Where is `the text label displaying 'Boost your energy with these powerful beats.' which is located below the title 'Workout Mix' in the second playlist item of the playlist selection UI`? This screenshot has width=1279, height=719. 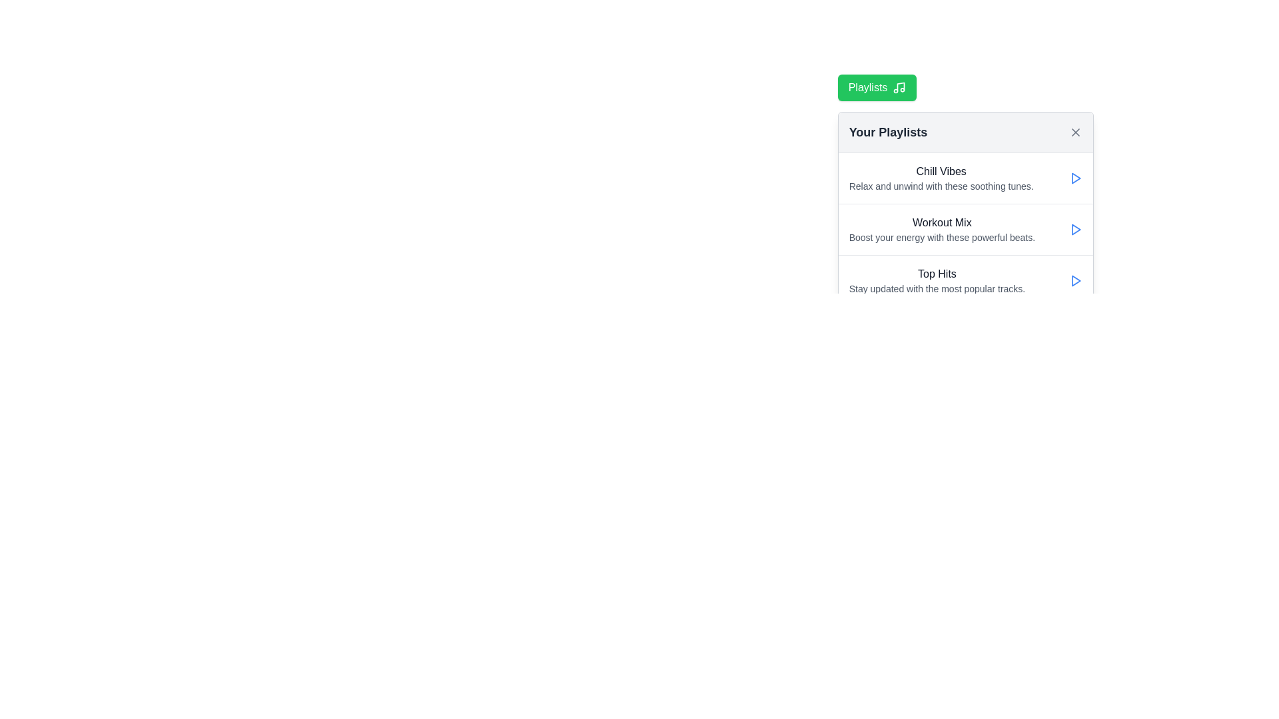 the text label displaying 'Boost your energy with these powerful beats.' which is located below the title 'Workout Mix' in the second playlist item of the playlist selection UI is located at coordinates (941, 237).